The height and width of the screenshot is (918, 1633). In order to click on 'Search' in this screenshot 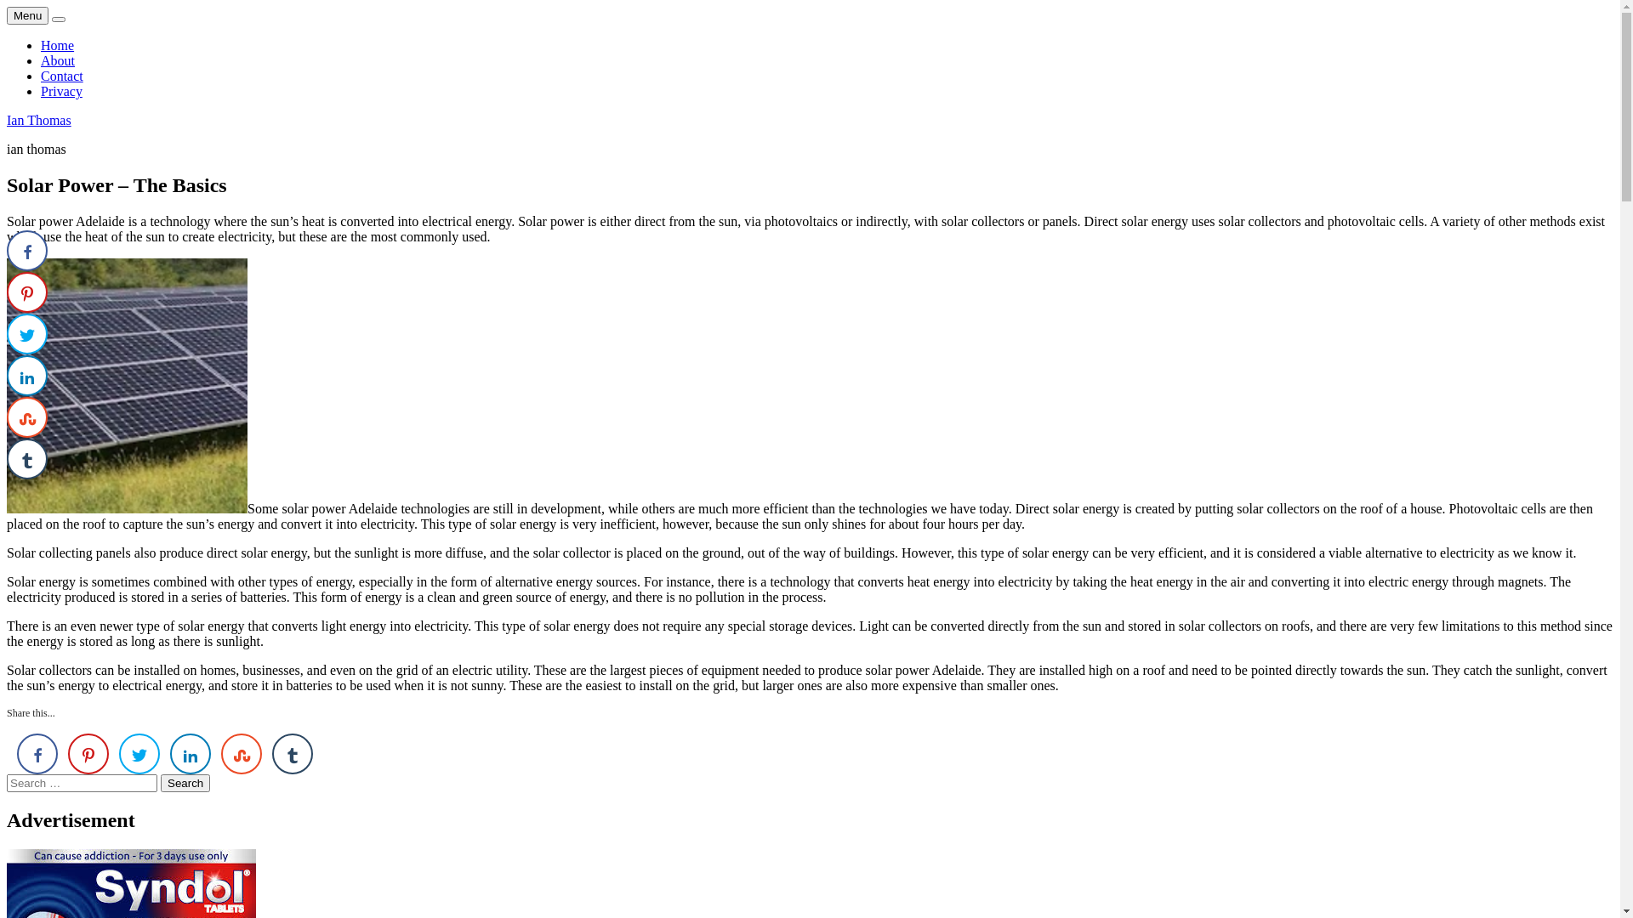, I will do `click(160, 783)`.